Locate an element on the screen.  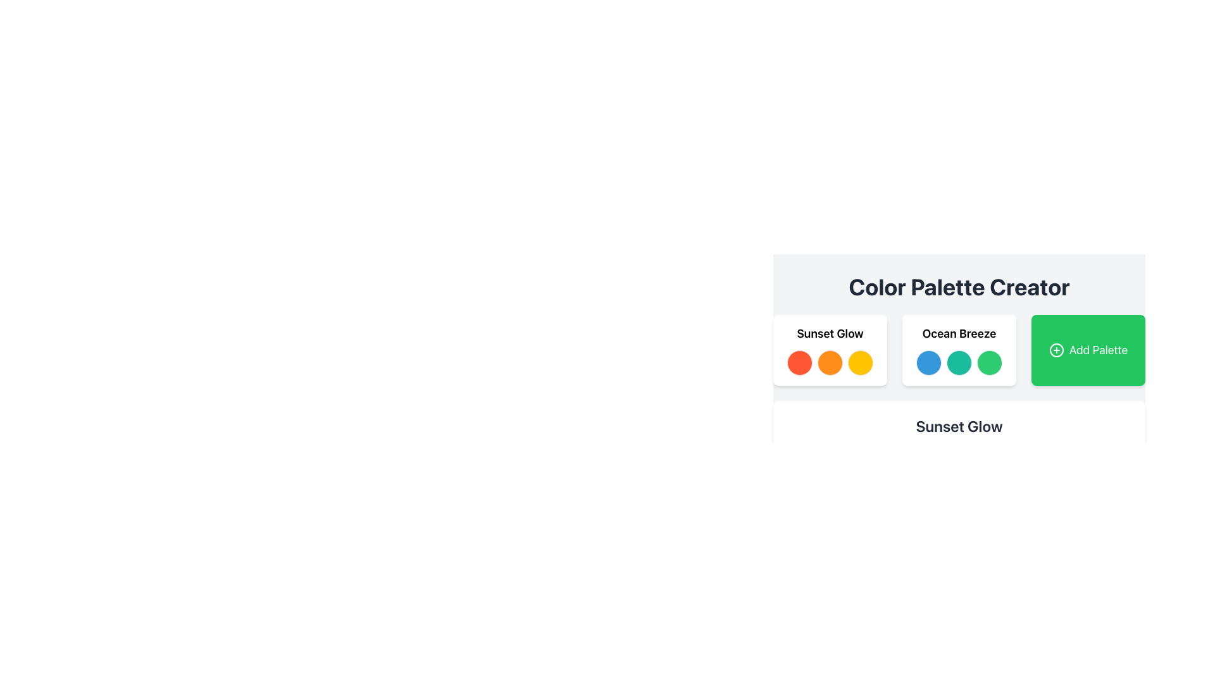
the 'Add Palette' button with a vibrant green background located in the top-right corner of the grid layout, adjacent to 'Ocean Breeze' is located at coordinates (1087, 350).